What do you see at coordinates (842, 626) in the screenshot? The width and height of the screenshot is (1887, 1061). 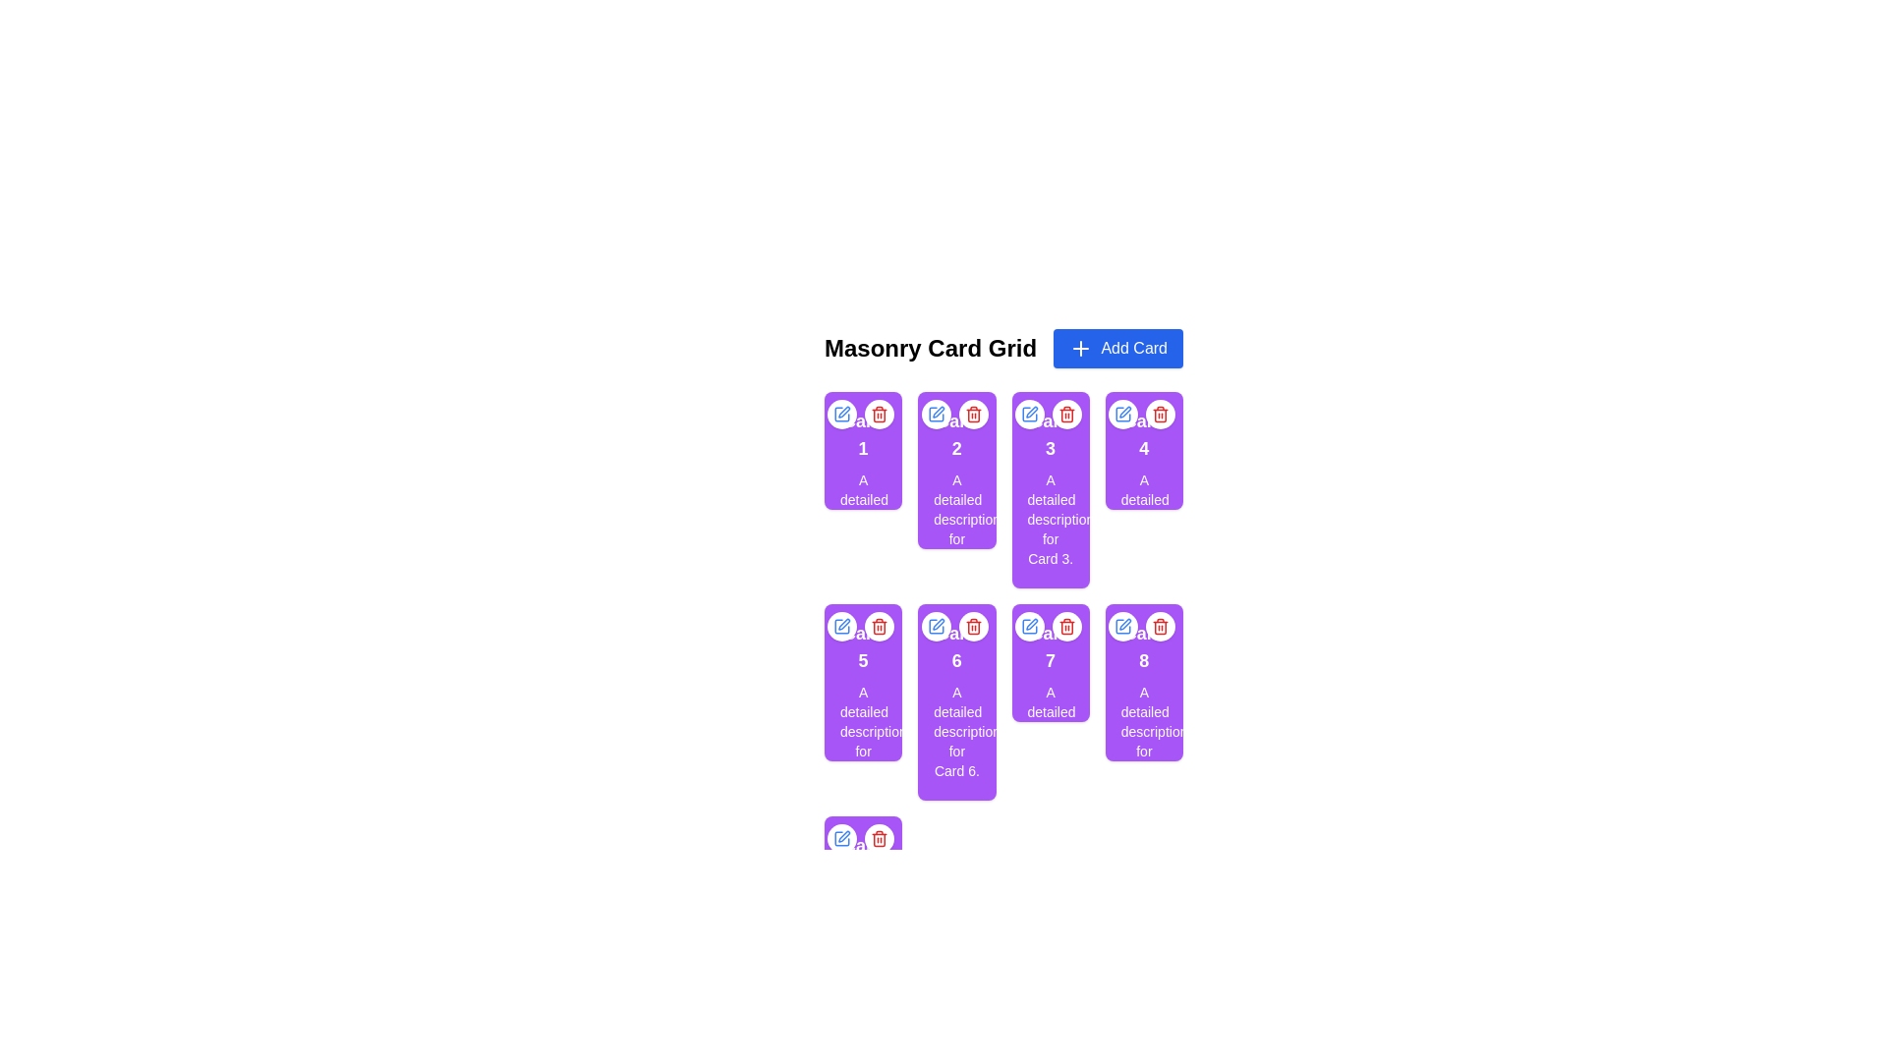 I see `the circular edit button with a pen icon in the top-right corner of the card labeled '5'` at bounding box center [842, 626].